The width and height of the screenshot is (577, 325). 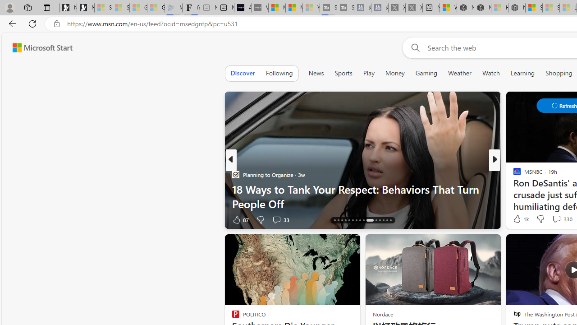 I want to click on 'Nordace', so click(x=382, y=314).